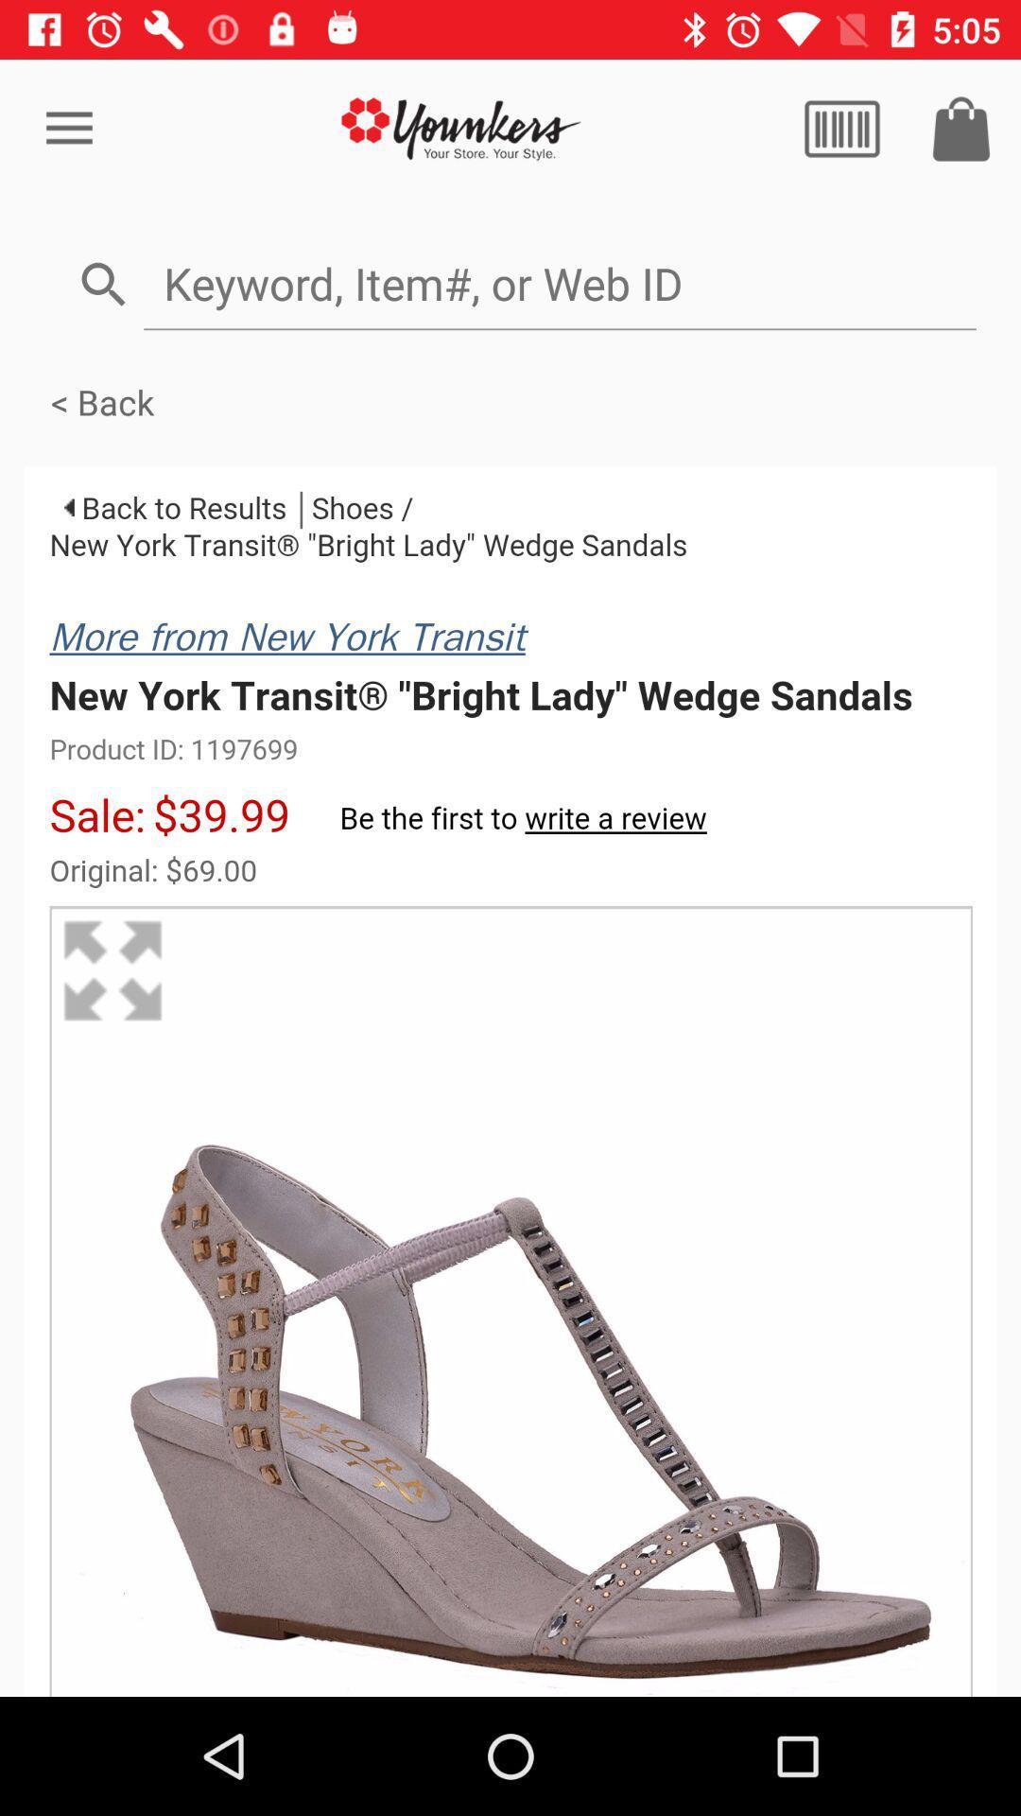 The image size is (1021, 1816). What do you see at coordinates (841, 128) in the screenshot?
I see `search` at bounding box center [841, 128].